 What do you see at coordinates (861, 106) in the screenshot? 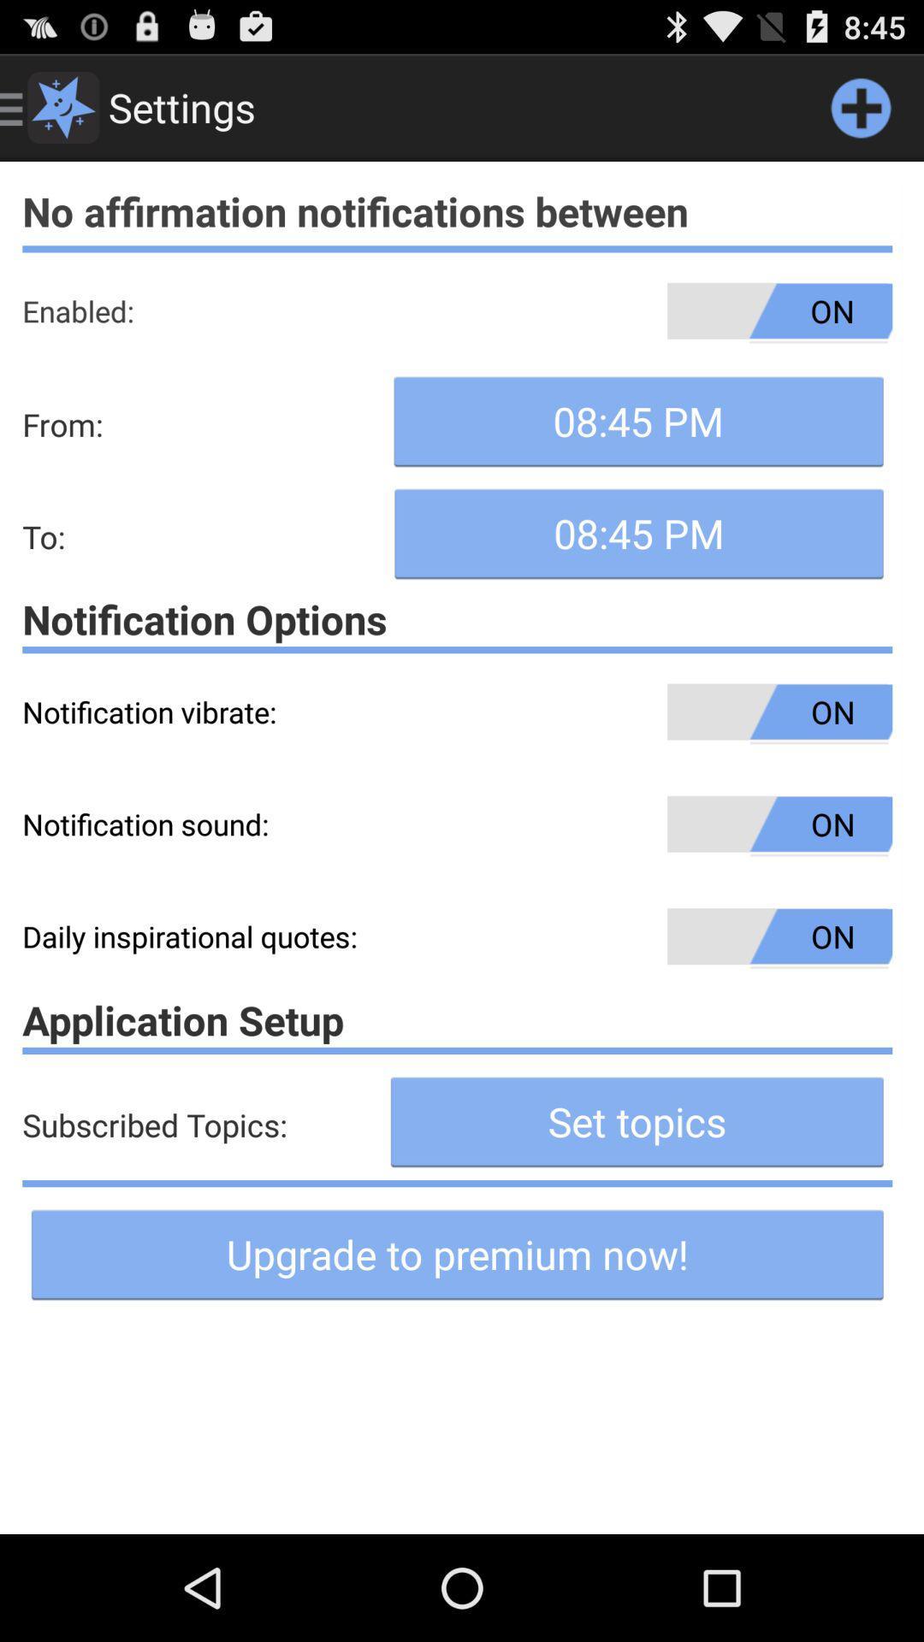
I see `plus mark` at bounding box center [861, 106].